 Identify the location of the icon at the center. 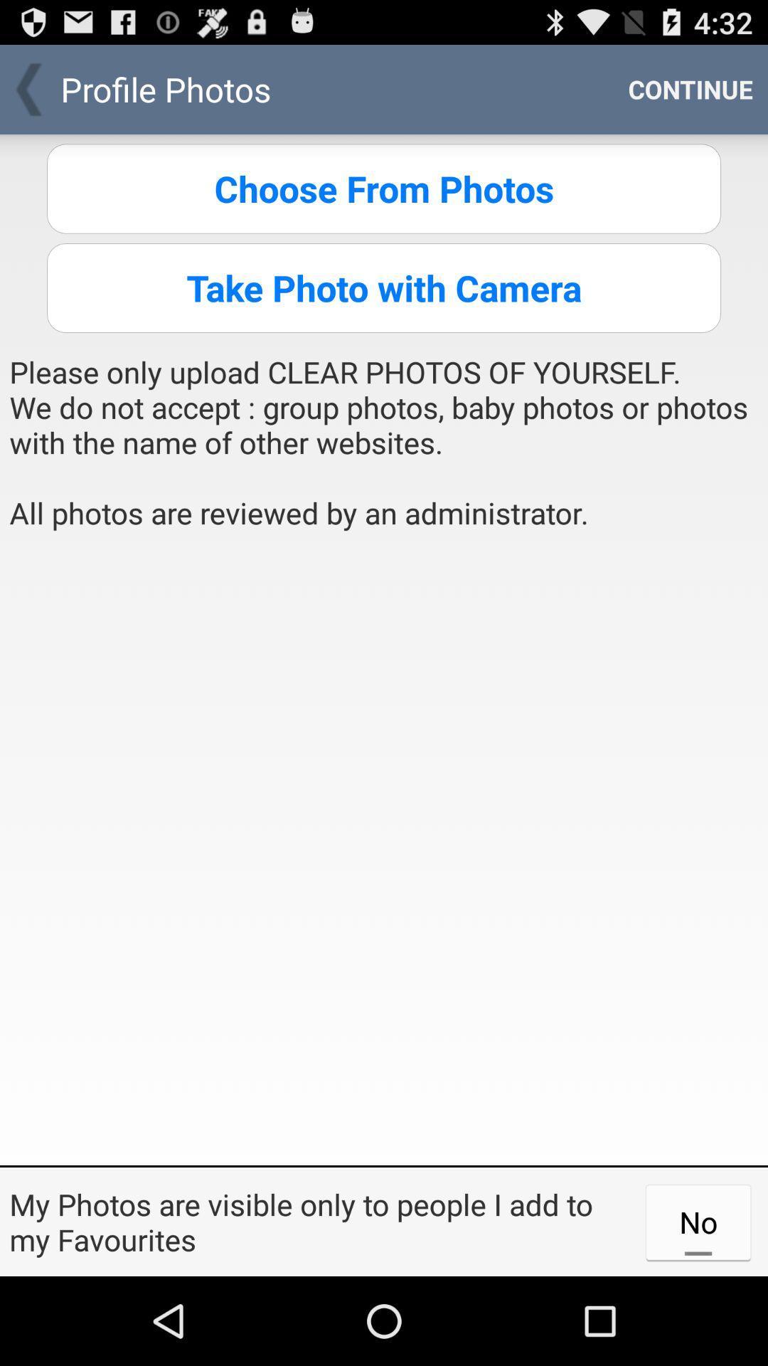
(384, 854).